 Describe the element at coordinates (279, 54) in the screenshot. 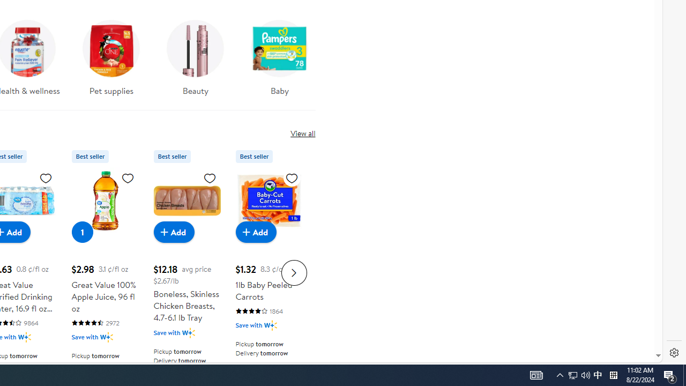

I see `'Baby'` at that location.